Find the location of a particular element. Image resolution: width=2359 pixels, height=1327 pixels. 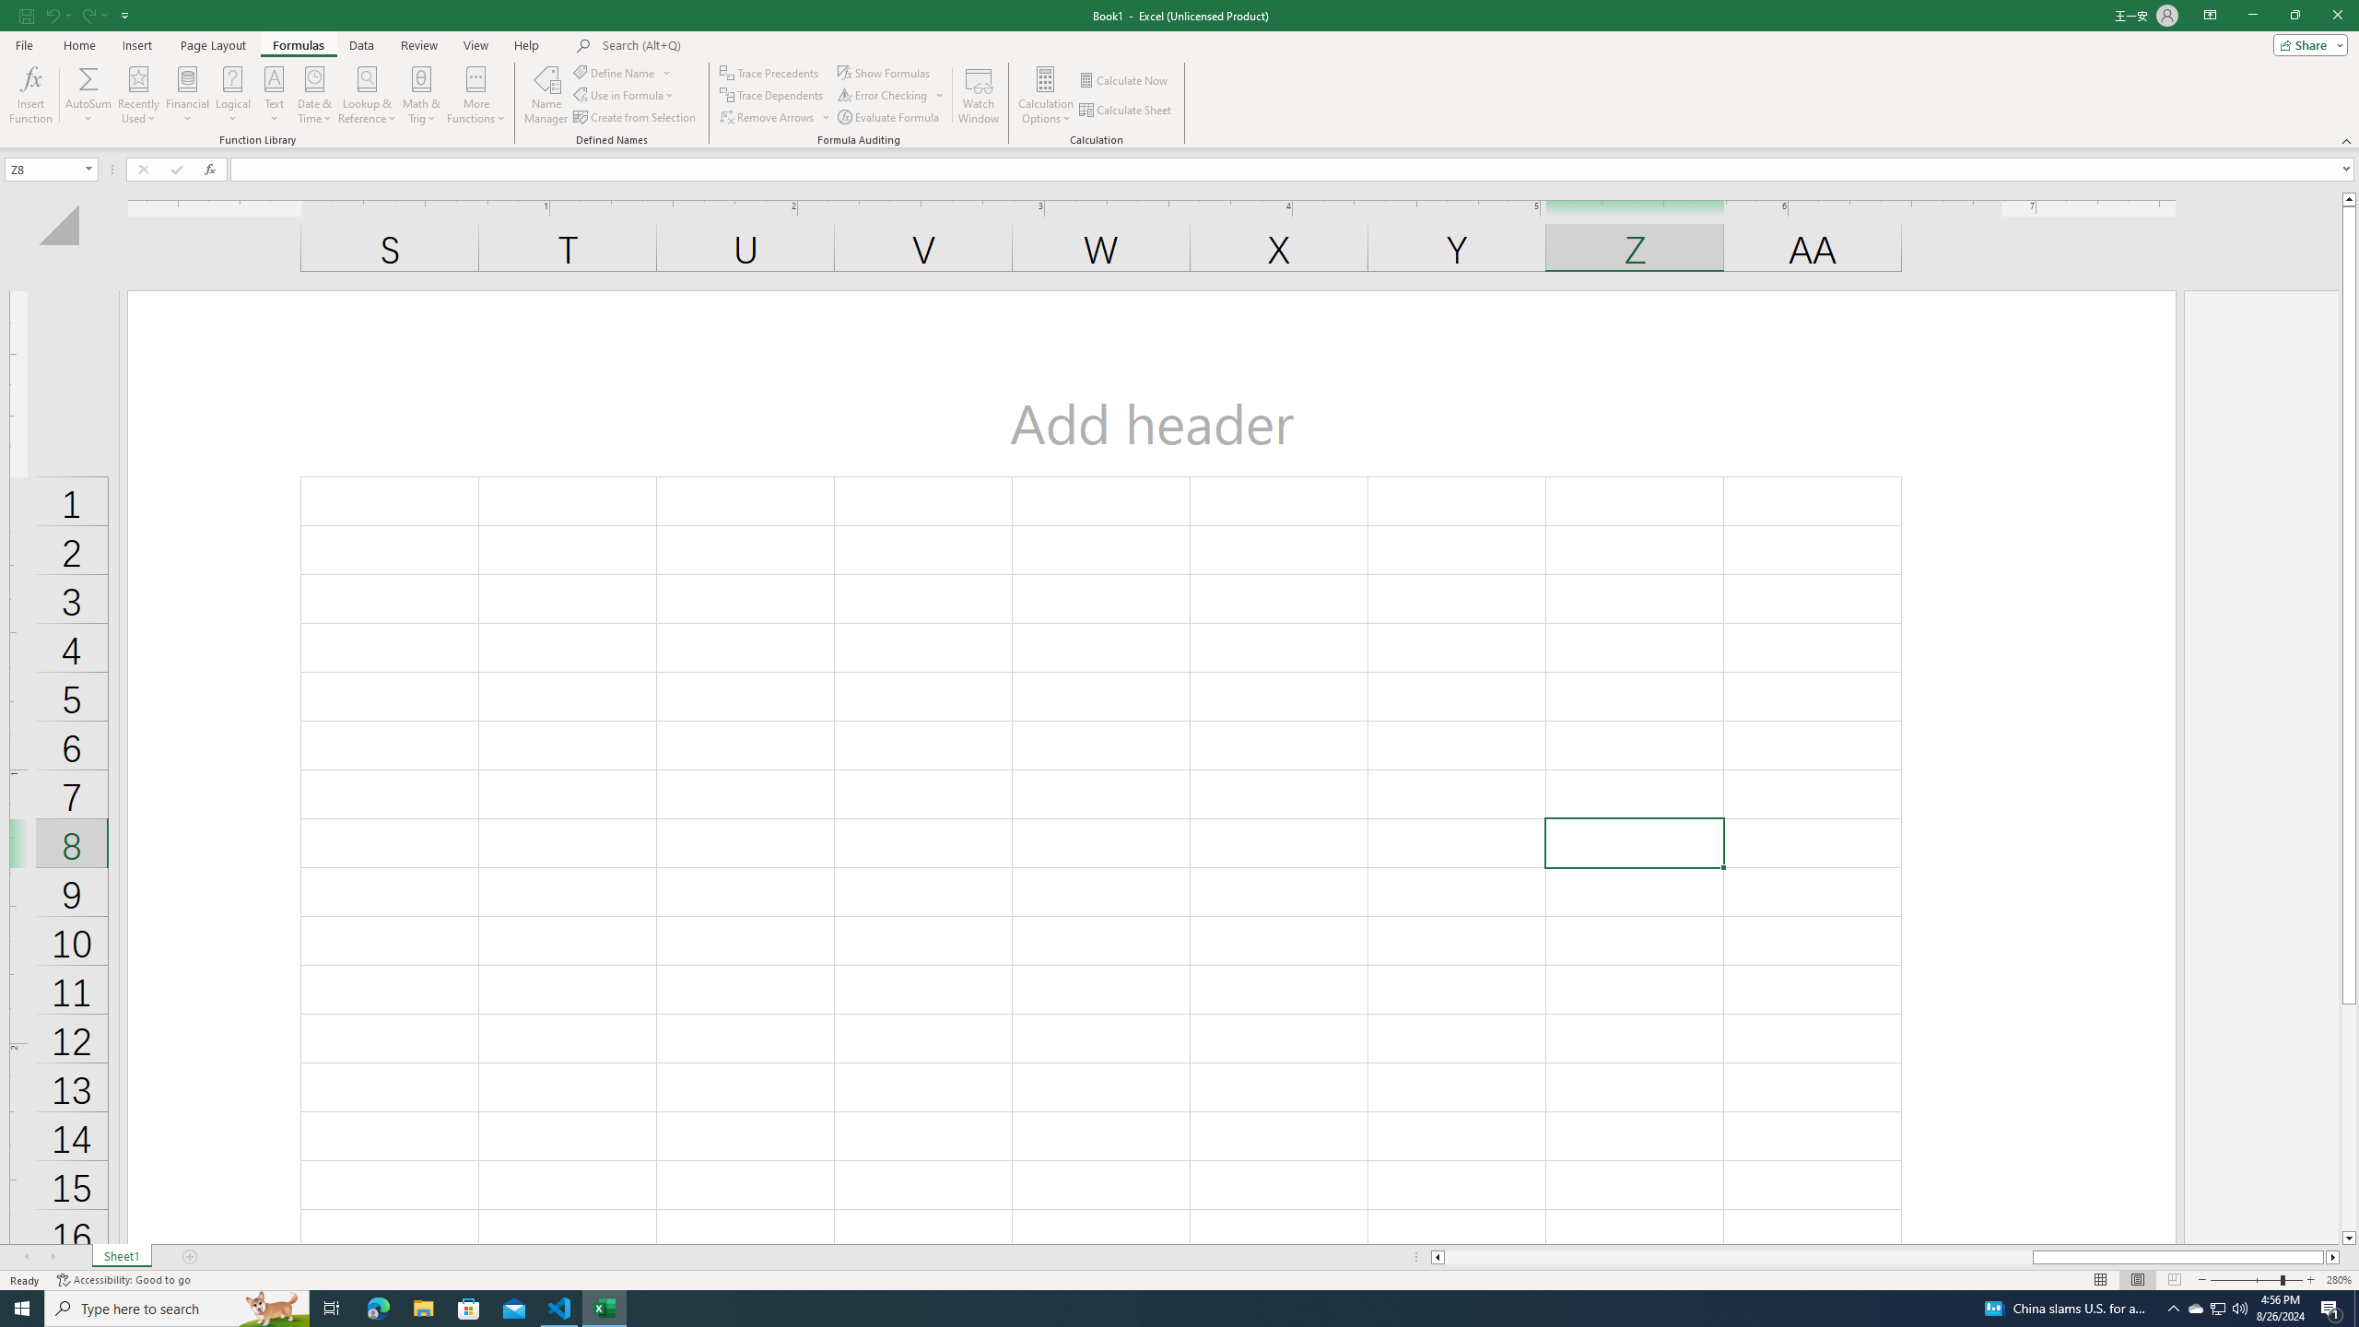

'Trace Precedents' is located at coordinates (770, 72).